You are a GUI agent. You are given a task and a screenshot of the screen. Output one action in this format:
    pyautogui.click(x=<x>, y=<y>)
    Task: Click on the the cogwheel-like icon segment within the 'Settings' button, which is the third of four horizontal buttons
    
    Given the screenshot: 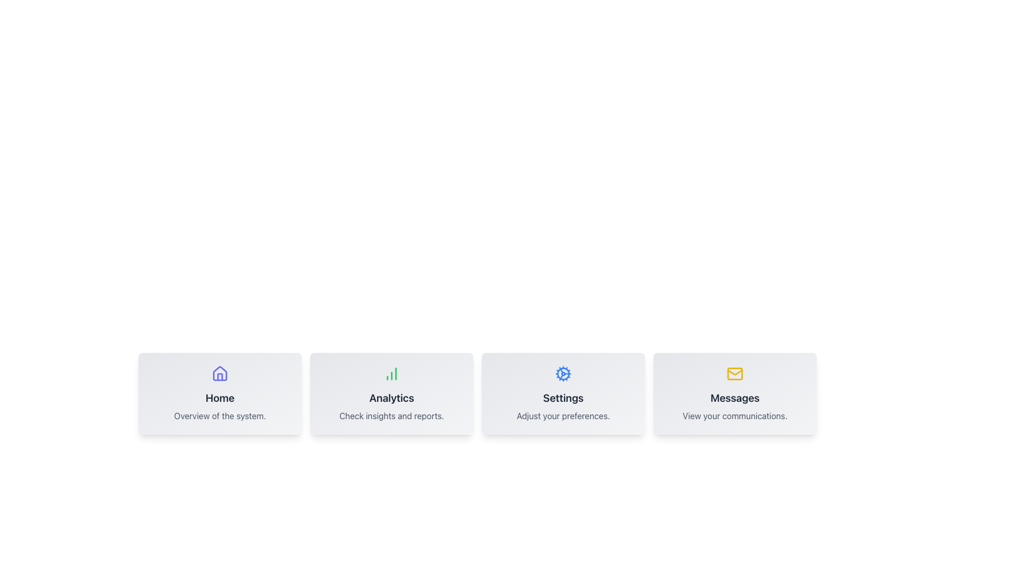 What is the action you would take?
    pyautogui.click(x=560, y=377)
    